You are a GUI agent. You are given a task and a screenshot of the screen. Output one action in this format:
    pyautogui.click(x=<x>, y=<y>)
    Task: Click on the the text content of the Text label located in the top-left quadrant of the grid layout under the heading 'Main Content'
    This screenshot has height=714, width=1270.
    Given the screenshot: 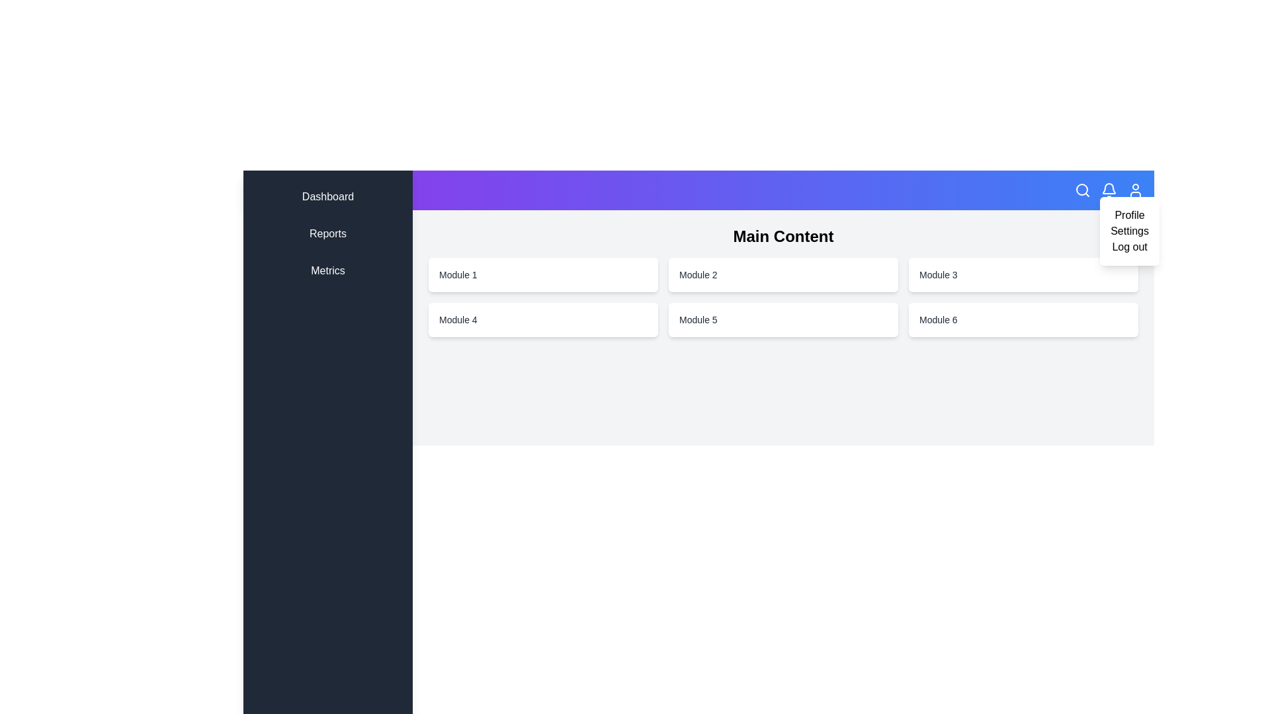 What is the action you would take?
    pyautogui.click(x=458, y=274)
    